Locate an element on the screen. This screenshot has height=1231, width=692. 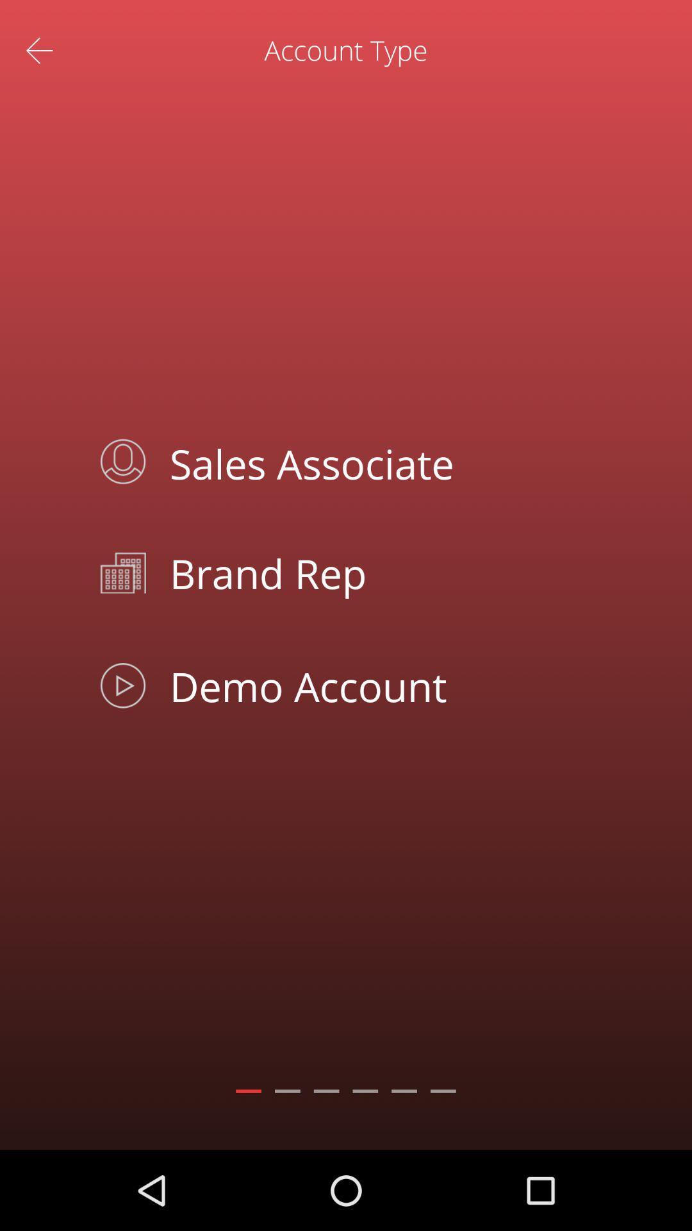
demo account item is located at coordinates (375, 685).